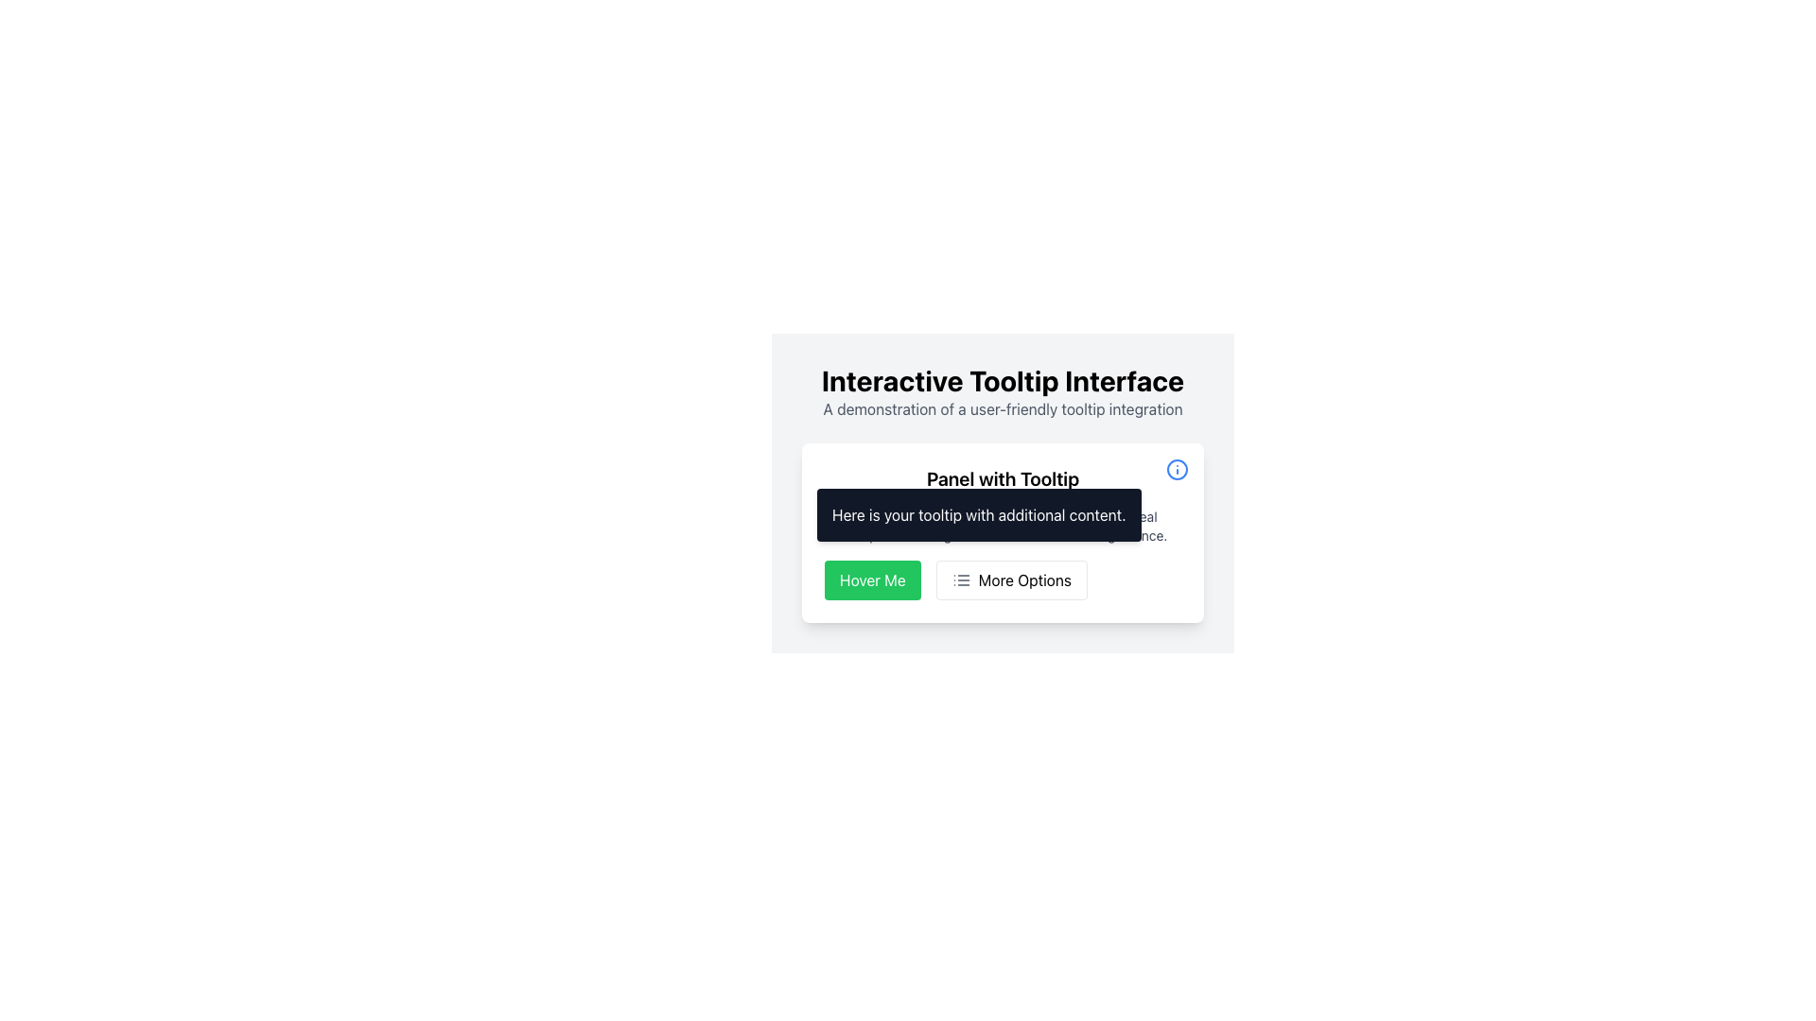  I want to click on the Text Label that provides guidance beneath the heading 'Panel with Tooltip' and above the buttons 'Hover Me' and 'More Options', so click(1002, 526).